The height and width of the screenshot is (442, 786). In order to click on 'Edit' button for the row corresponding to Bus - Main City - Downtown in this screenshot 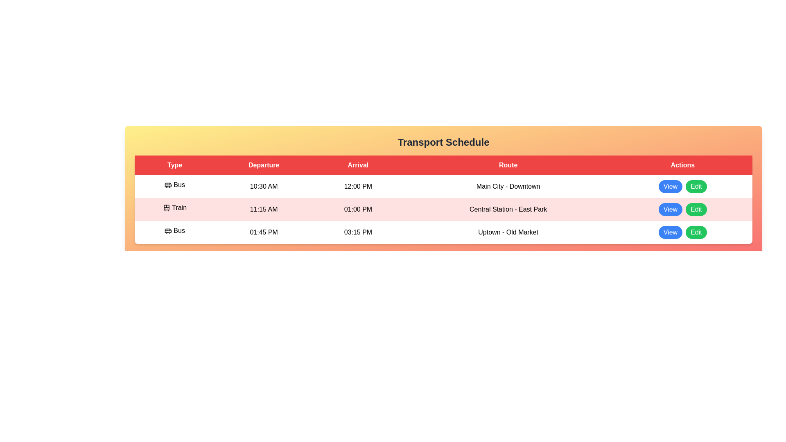, I will do `click(696, 186)`.